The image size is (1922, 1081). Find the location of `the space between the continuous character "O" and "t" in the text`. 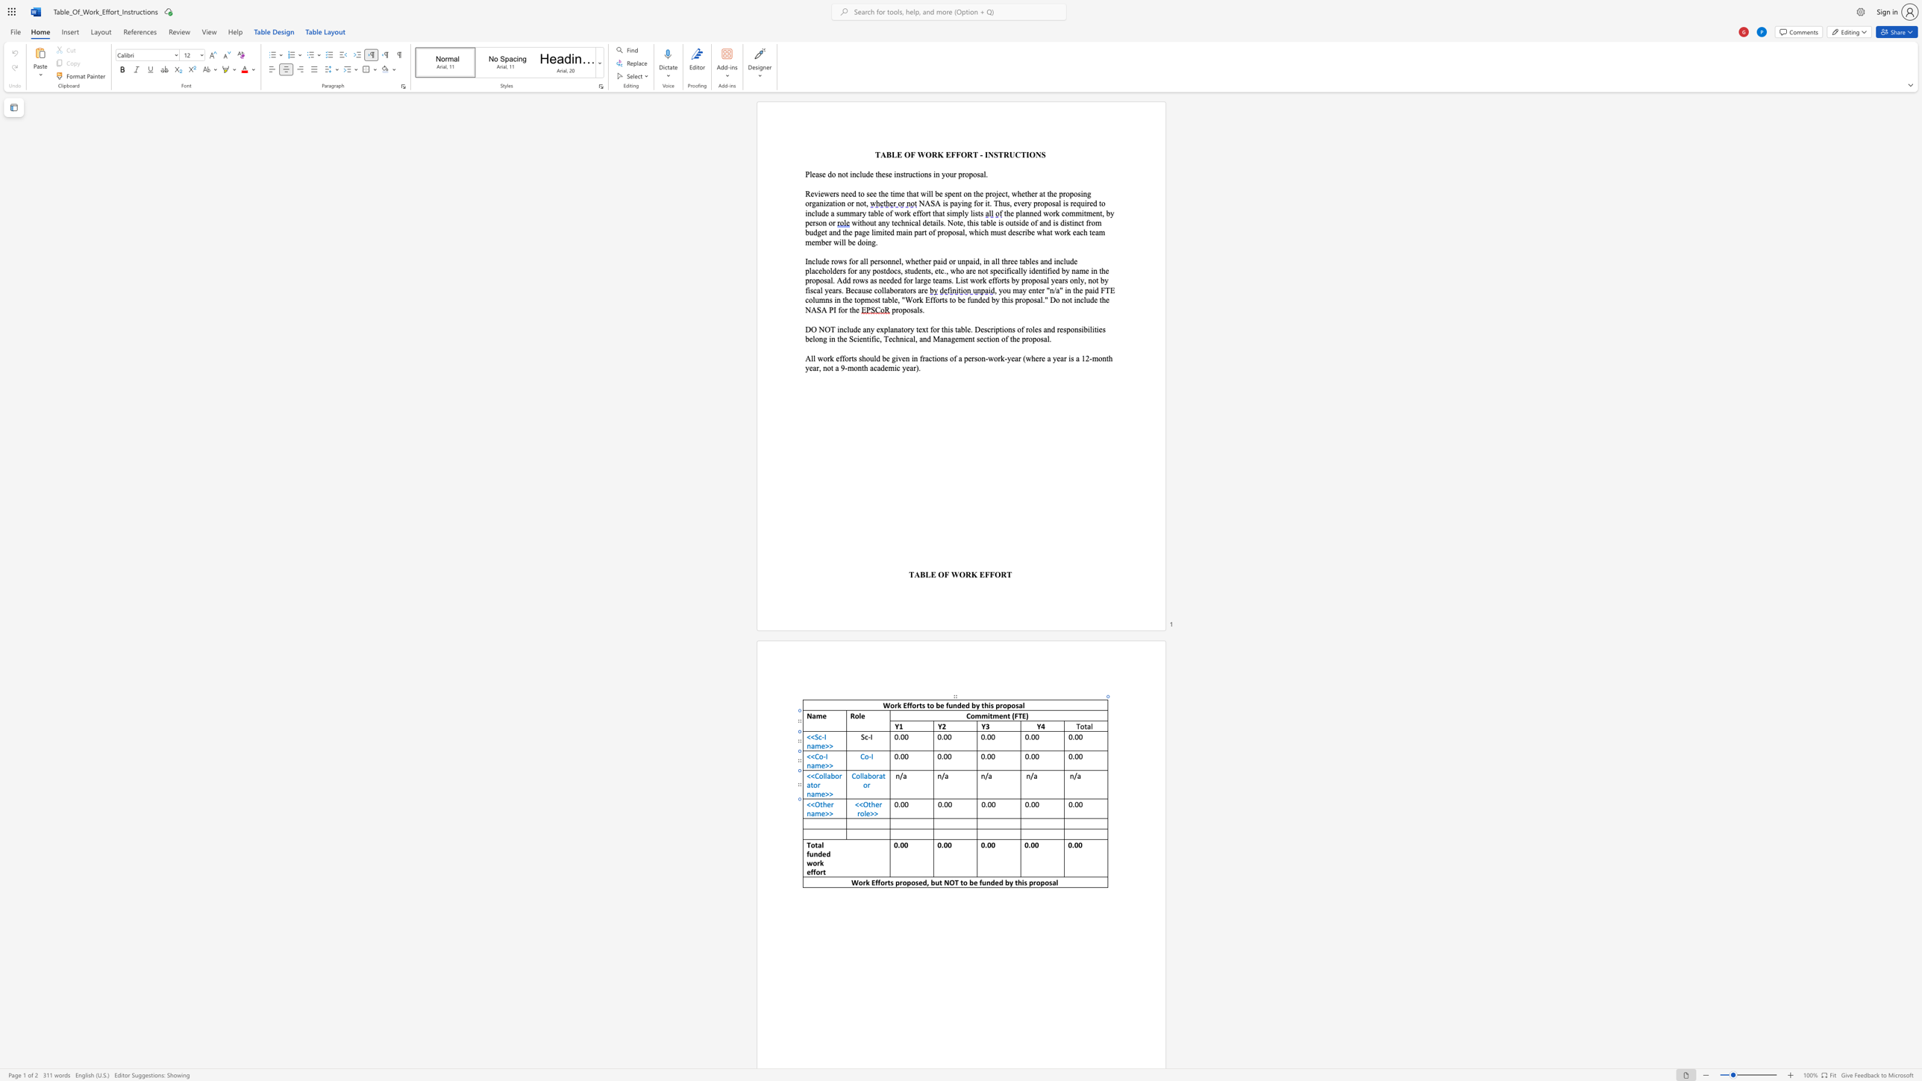

the space between the continuous character "O" and "t" in the text is located at coordinates (866, 803).